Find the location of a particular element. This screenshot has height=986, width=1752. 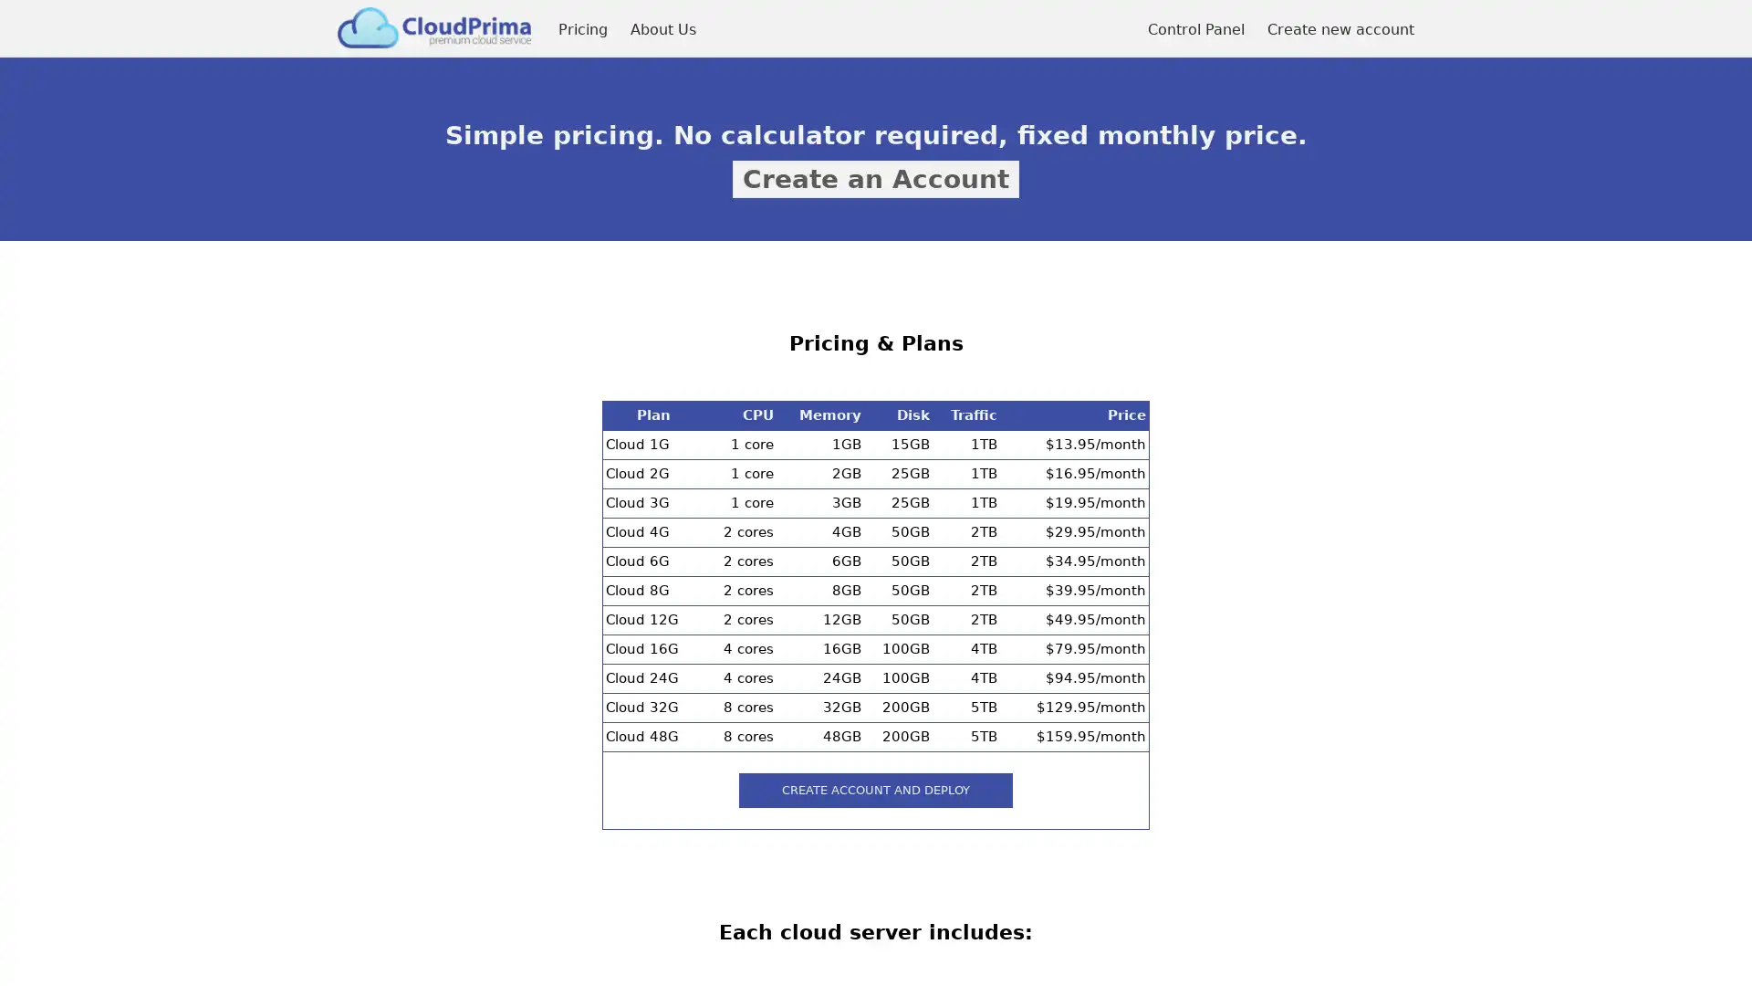

create account and deploy is located at coordinates (876, 790).